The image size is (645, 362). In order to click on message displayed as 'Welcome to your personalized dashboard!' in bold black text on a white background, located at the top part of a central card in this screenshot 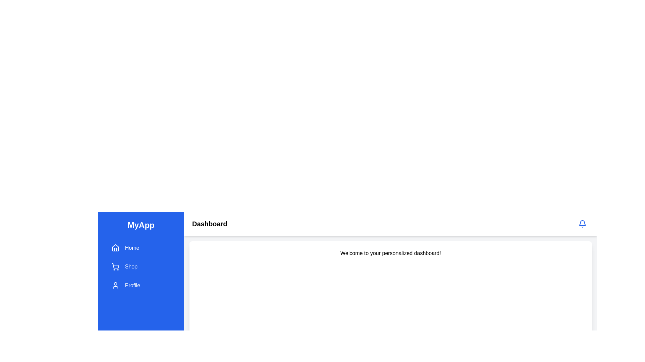, I will do `click(390, 253)`.